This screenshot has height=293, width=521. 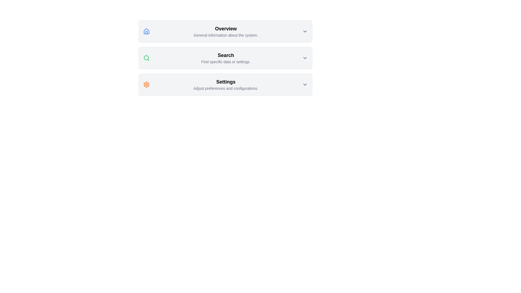 What do you see at coordinates (305, 58) in the screenshot?
I see `the dropdown toggle icon located at the far right of the 'Search' section` at bounding box center [305, 58].